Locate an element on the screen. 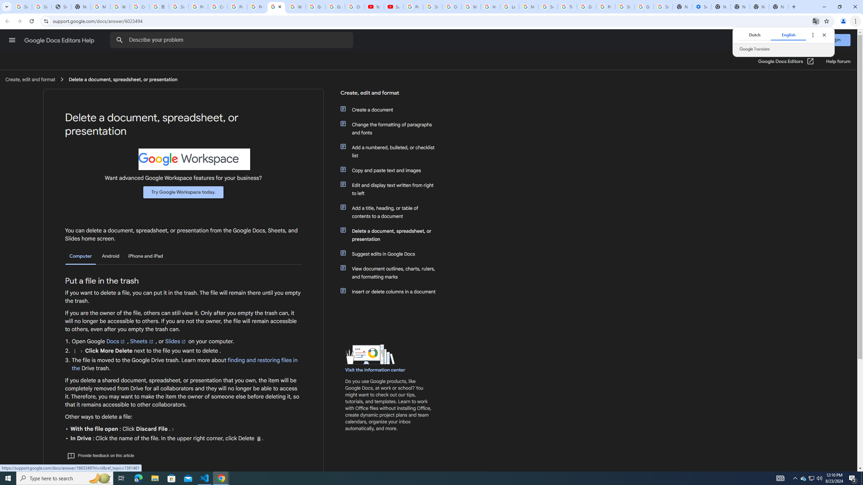 The width and height of the screenshot is (863, 485). 'Translate options' is located at coordinates (812, 35).